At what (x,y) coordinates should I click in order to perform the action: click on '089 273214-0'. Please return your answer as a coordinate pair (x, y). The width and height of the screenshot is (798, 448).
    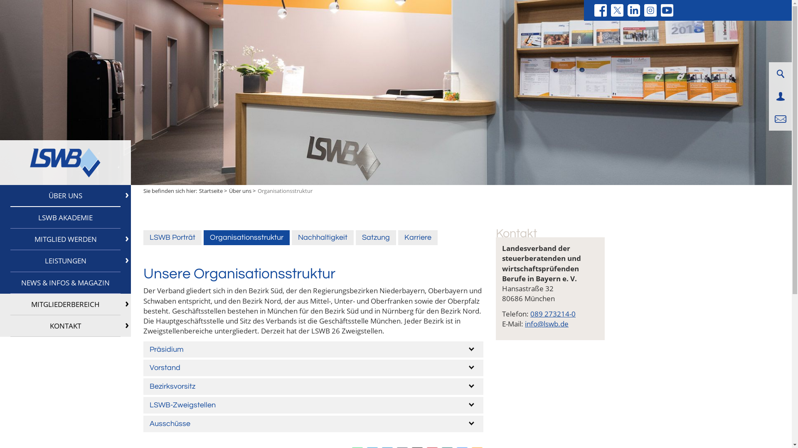
    Looking at the image, I should click on (553, 314).